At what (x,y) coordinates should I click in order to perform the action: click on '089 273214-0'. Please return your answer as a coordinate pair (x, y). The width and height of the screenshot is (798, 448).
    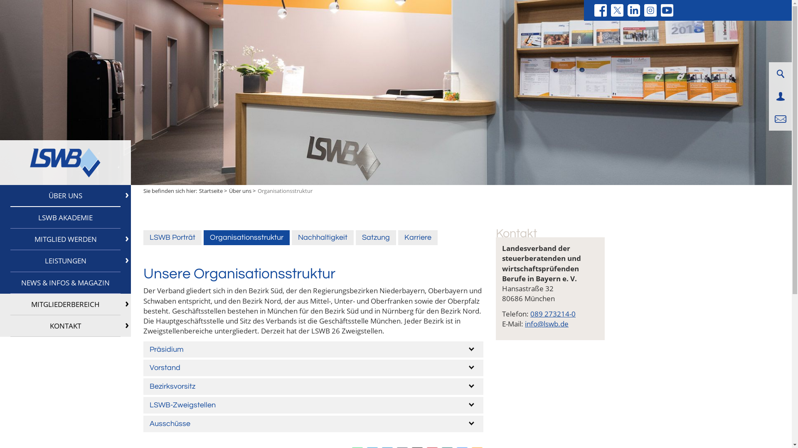
    Looking at the image, I should click on (553, 314).